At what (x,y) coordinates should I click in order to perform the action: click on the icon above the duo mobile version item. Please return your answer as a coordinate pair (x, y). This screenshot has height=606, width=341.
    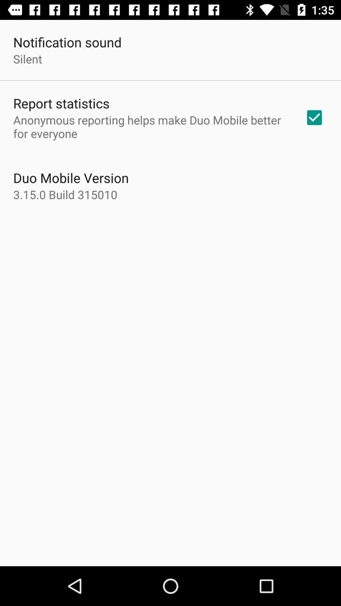
    Looking at the image, I should click on (151, 126).